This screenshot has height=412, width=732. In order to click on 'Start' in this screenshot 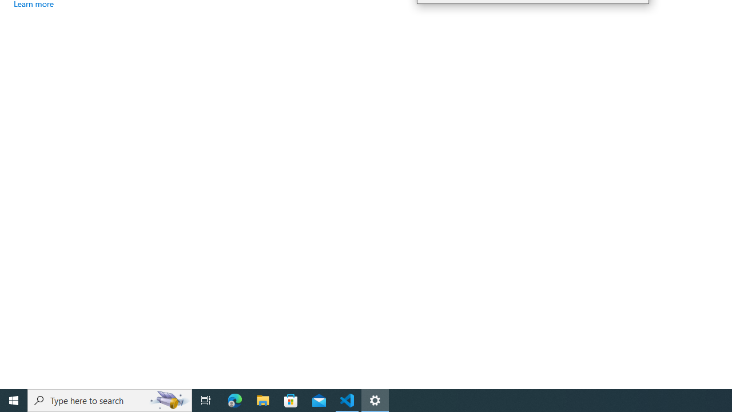, I will do `click(14, 399)`.